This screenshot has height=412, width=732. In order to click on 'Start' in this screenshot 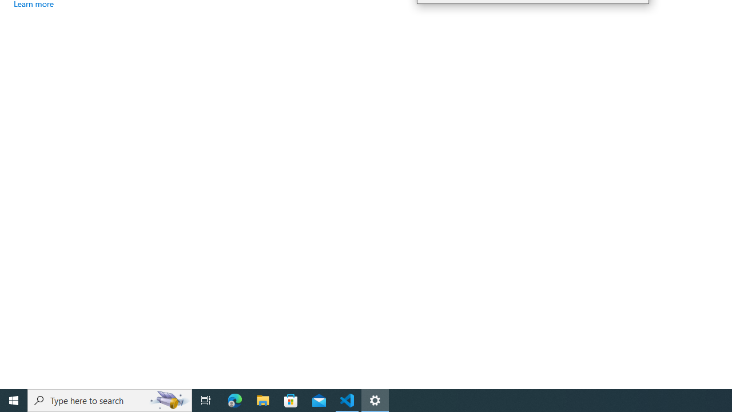, I will do `click(14, 399)`.